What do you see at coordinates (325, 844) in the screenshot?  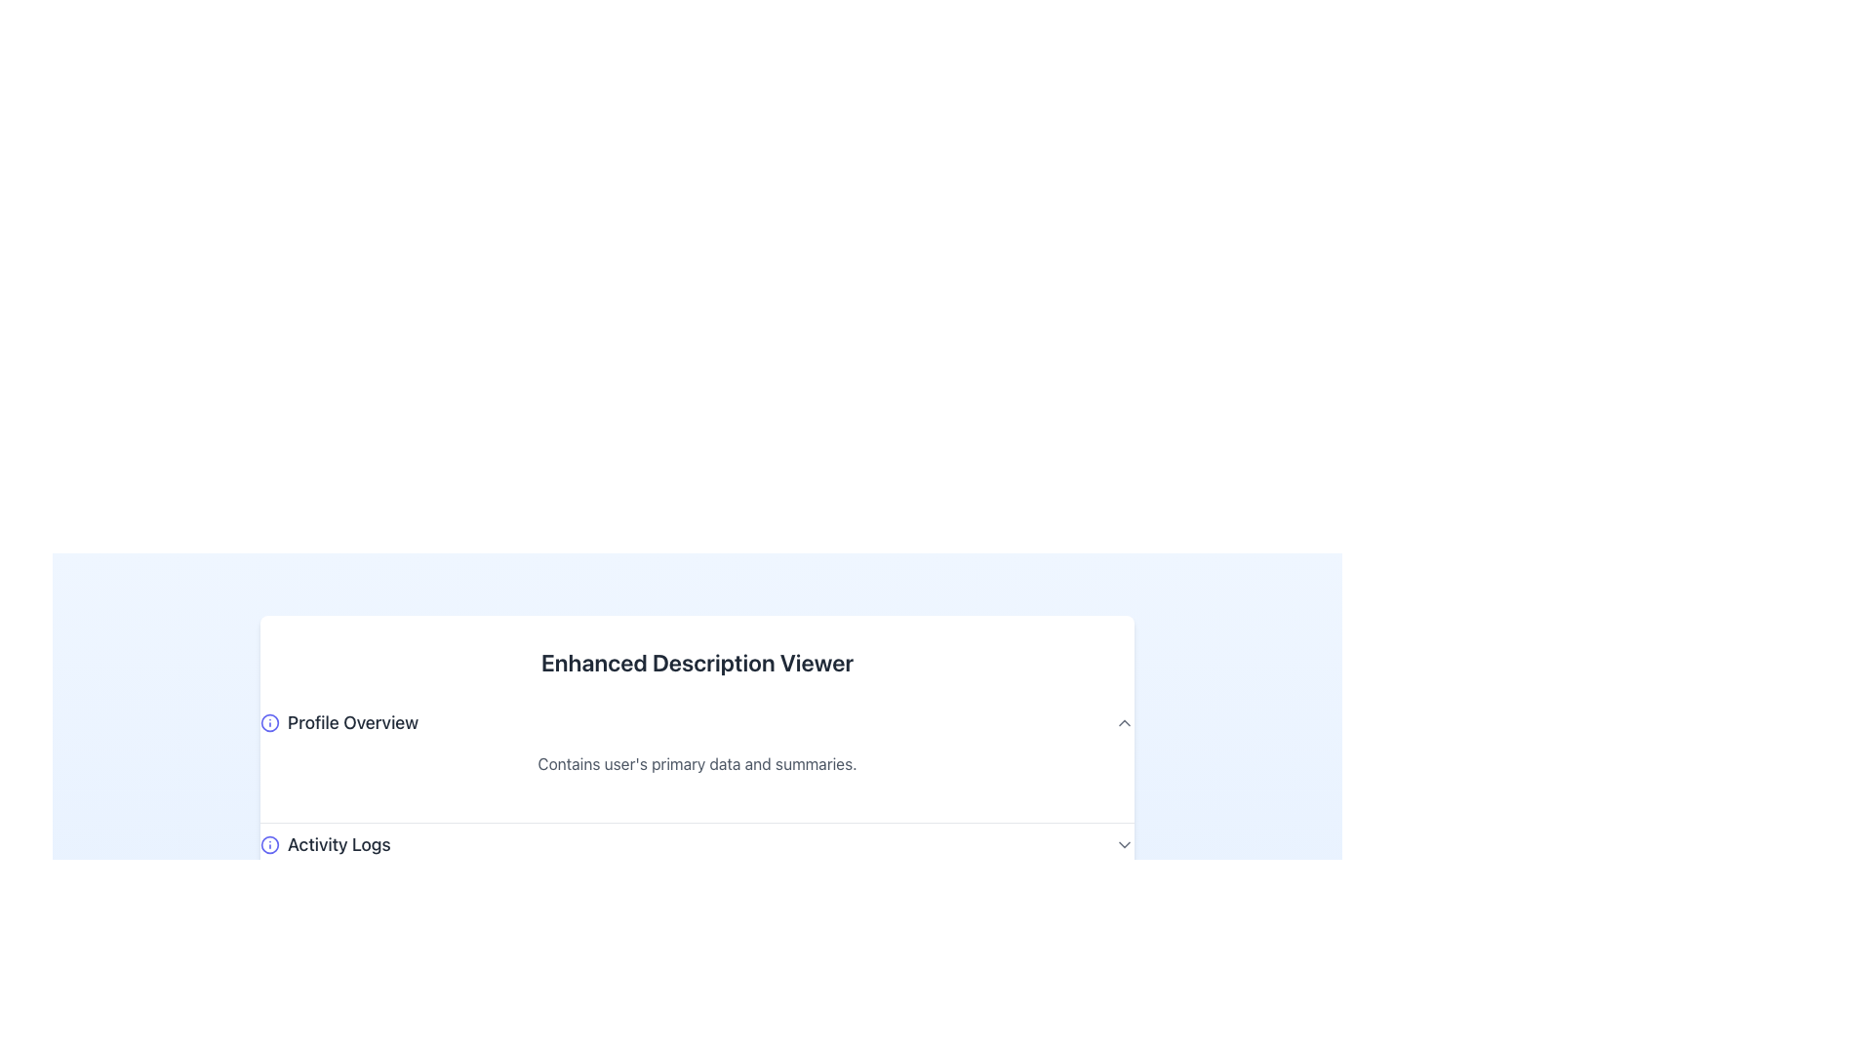 I see `the 'Activity Logs' label, which is a bold text element with an accompanying icon, located under the 'Enhanced Description Viewer' section` at bounding box center [325, 844].